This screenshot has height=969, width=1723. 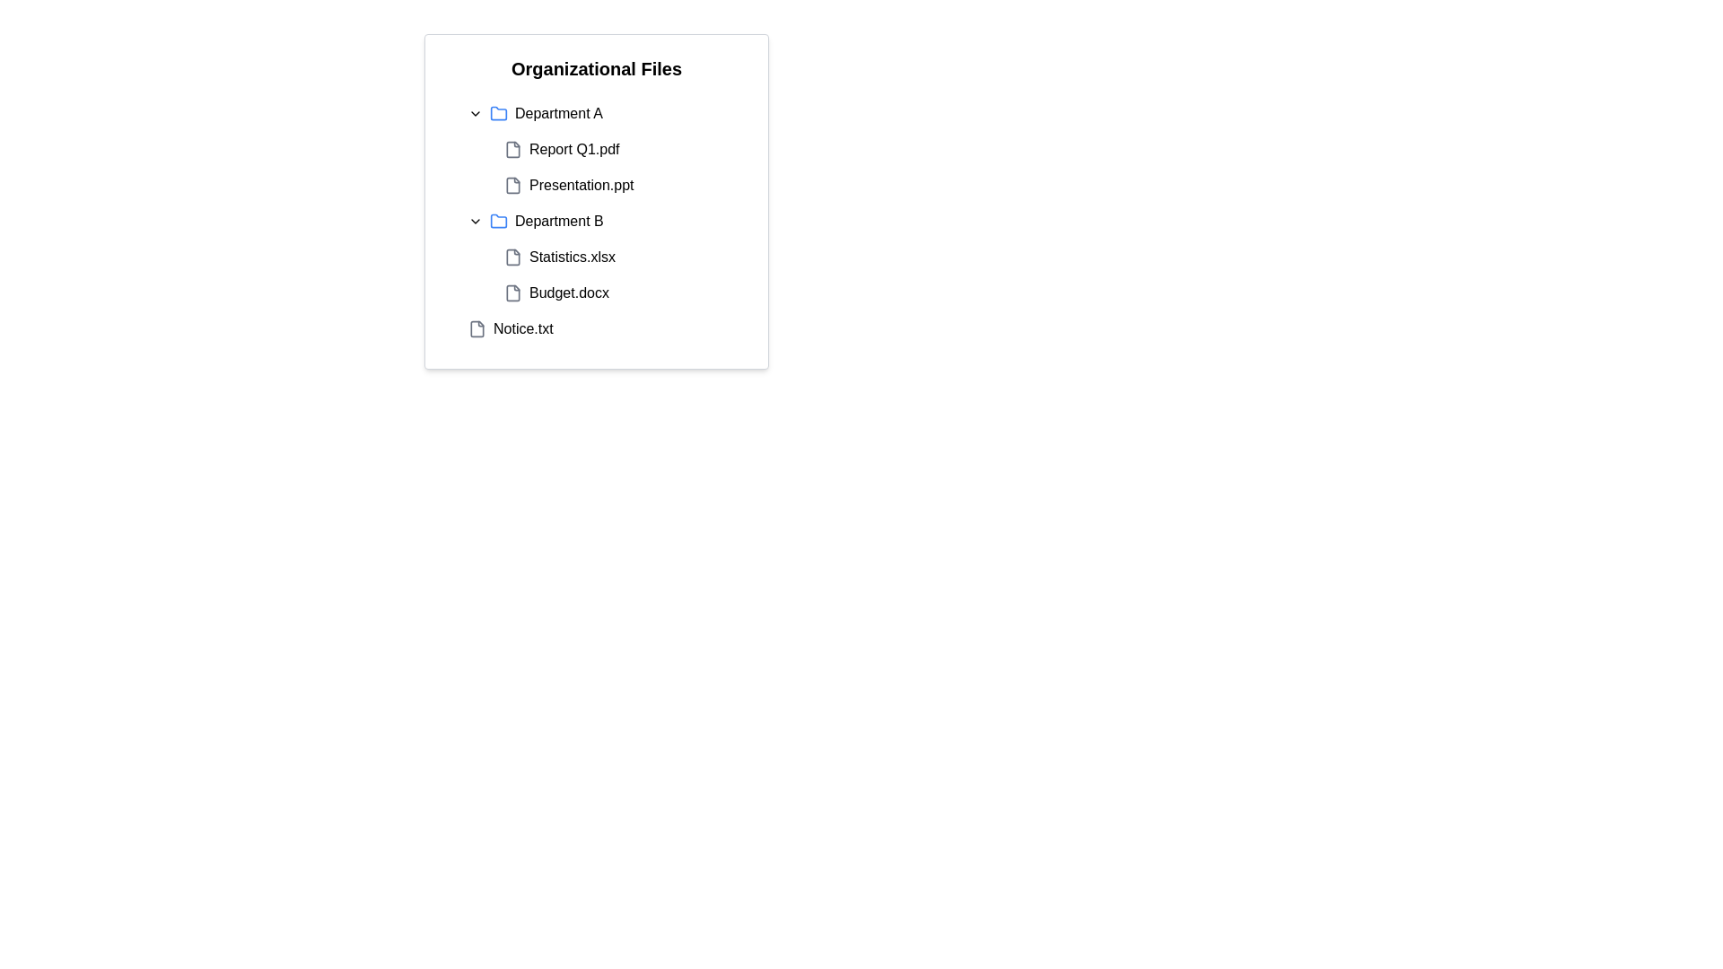 I want to click on the downward-facing chevron icon, so click(x=475, y=114).